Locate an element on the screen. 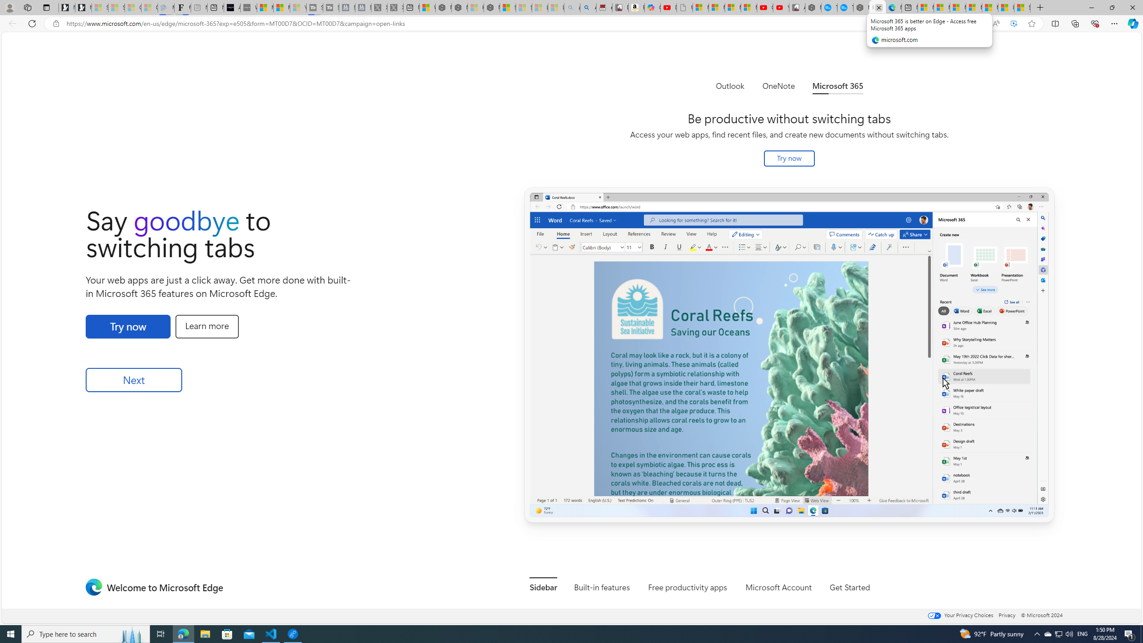 This screenshot has width=1143, height=643. 'Workspaces' is located at coordinates (27, 7).